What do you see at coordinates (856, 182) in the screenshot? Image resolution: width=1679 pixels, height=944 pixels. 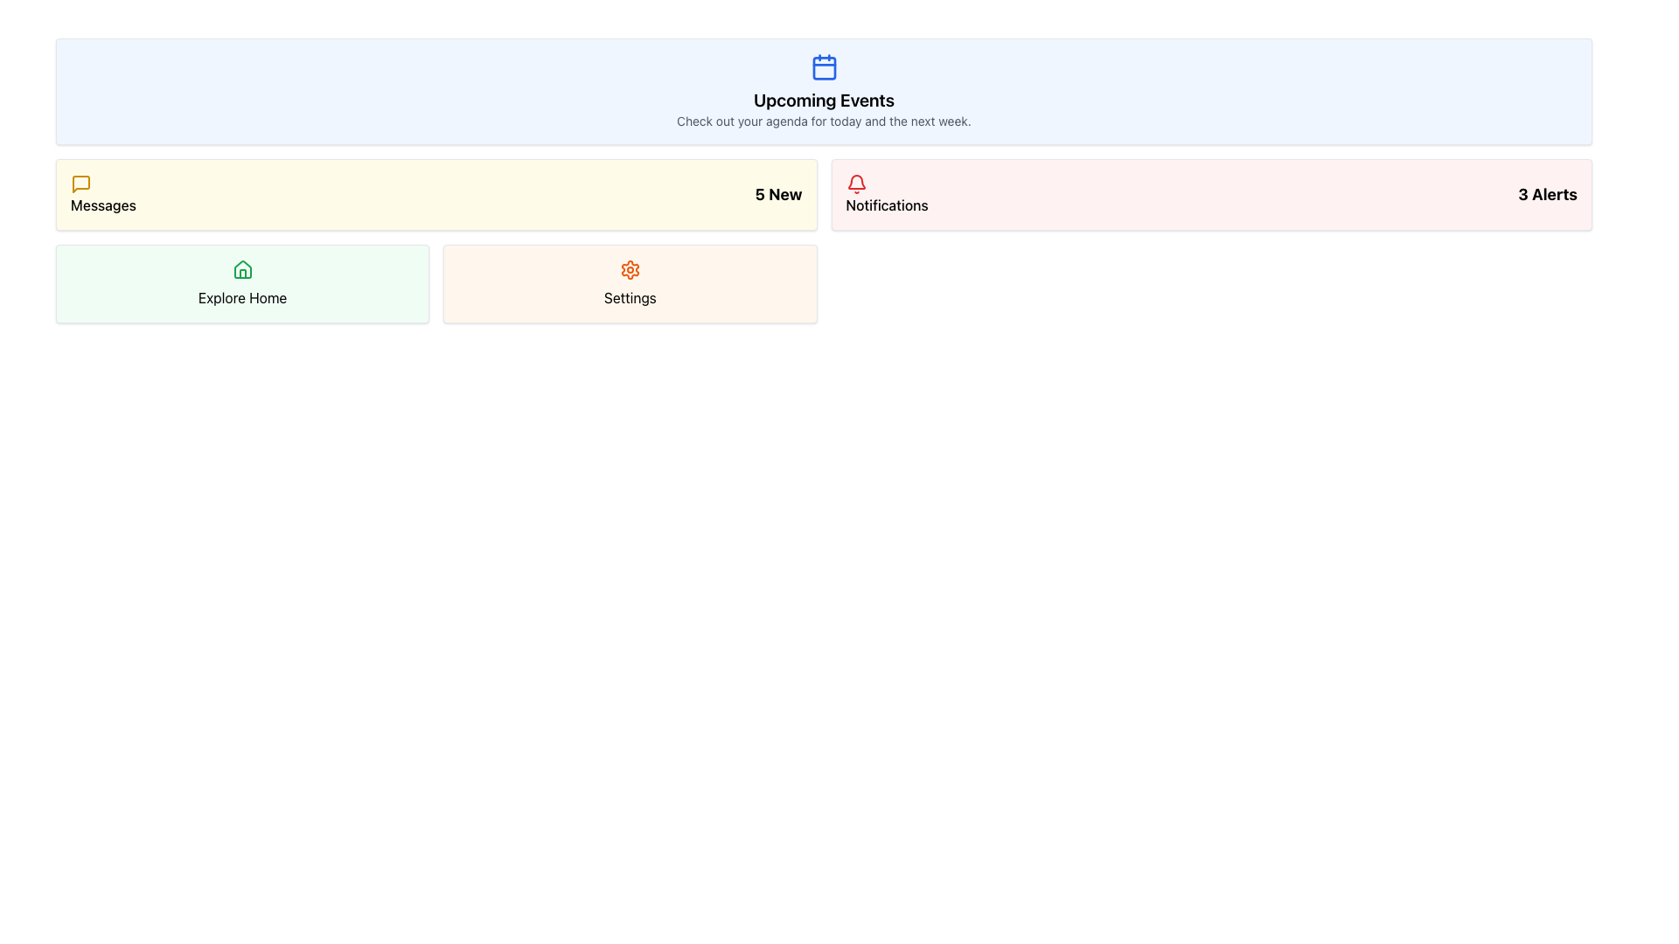 I see `the bell-shaped icon with a red border located centrally within the notification box above the 'Notifications' text` at bounding box center [856, 182].